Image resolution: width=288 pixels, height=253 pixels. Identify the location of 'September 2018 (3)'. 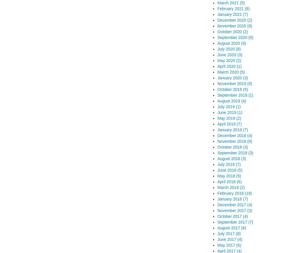
(235, 152).